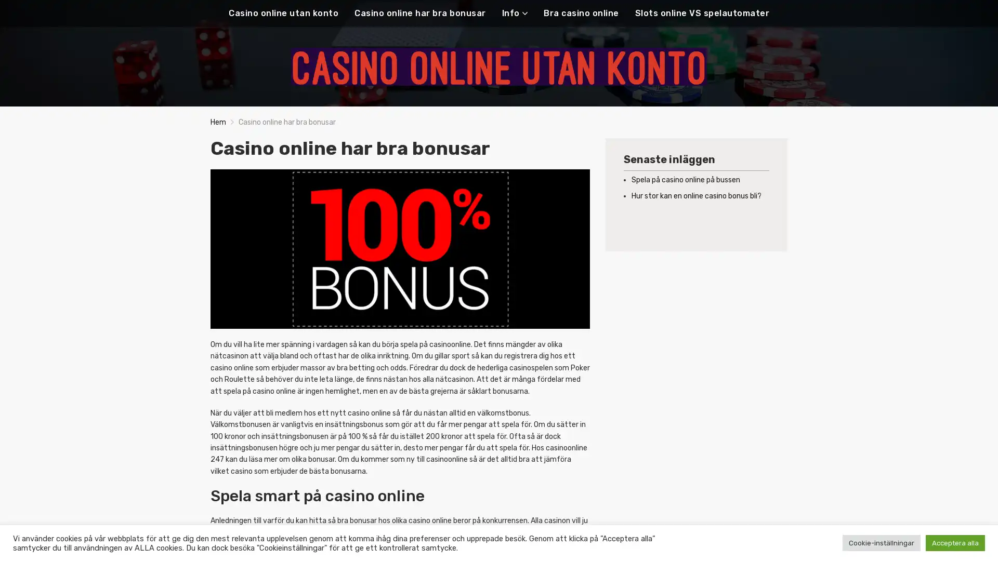 The height and width of the screenshot is (561, 998). What do you see at coordinates (955, 542) in the screenshot?
I see `Acceptera alla` at bounding box center [955, 542].